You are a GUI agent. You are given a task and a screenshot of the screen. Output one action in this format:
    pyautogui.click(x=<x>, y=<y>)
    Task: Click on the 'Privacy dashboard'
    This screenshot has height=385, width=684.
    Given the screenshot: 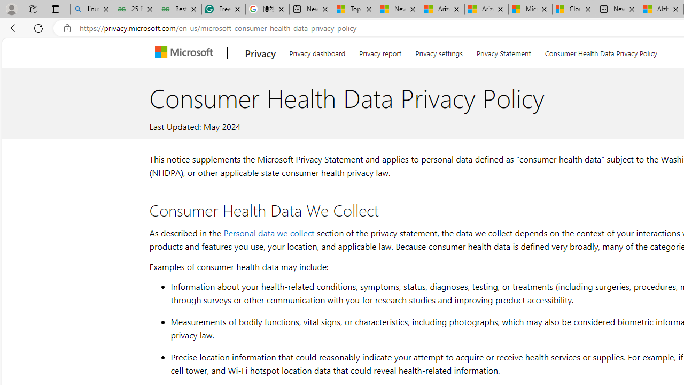 What is the action you would take?
    pyautogui.click(x=316, y=51)
    